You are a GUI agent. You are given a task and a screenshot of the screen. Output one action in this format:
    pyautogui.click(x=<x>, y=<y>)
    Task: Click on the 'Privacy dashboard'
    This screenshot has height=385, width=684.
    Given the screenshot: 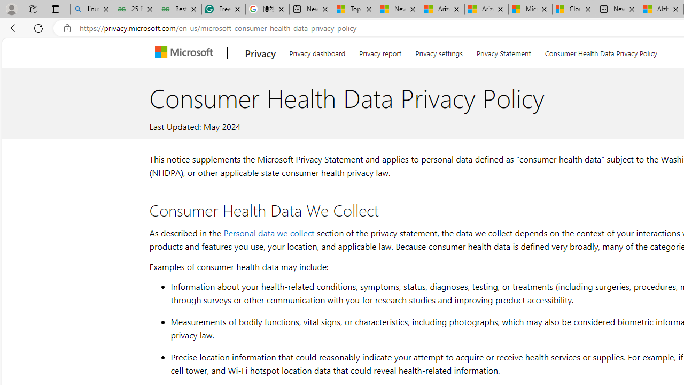 What is the action you would take?
    pyautogui.click(x=316, y=51)
    